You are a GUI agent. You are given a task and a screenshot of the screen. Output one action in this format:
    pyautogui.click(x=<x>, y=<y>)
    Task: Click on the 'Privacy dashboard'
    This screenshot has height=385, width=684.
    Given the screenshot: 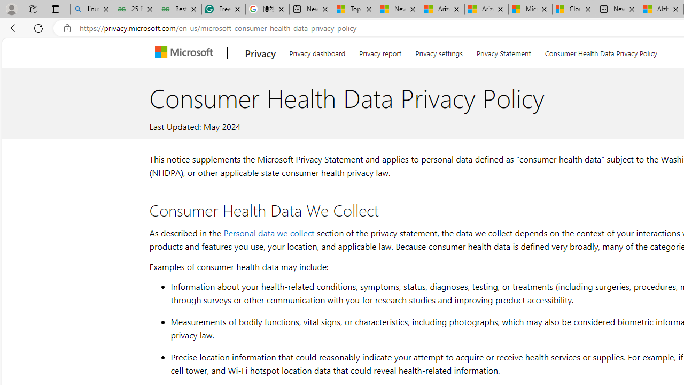 What is the action you would take?
    pyautogui.click(x=316, y=51)
    